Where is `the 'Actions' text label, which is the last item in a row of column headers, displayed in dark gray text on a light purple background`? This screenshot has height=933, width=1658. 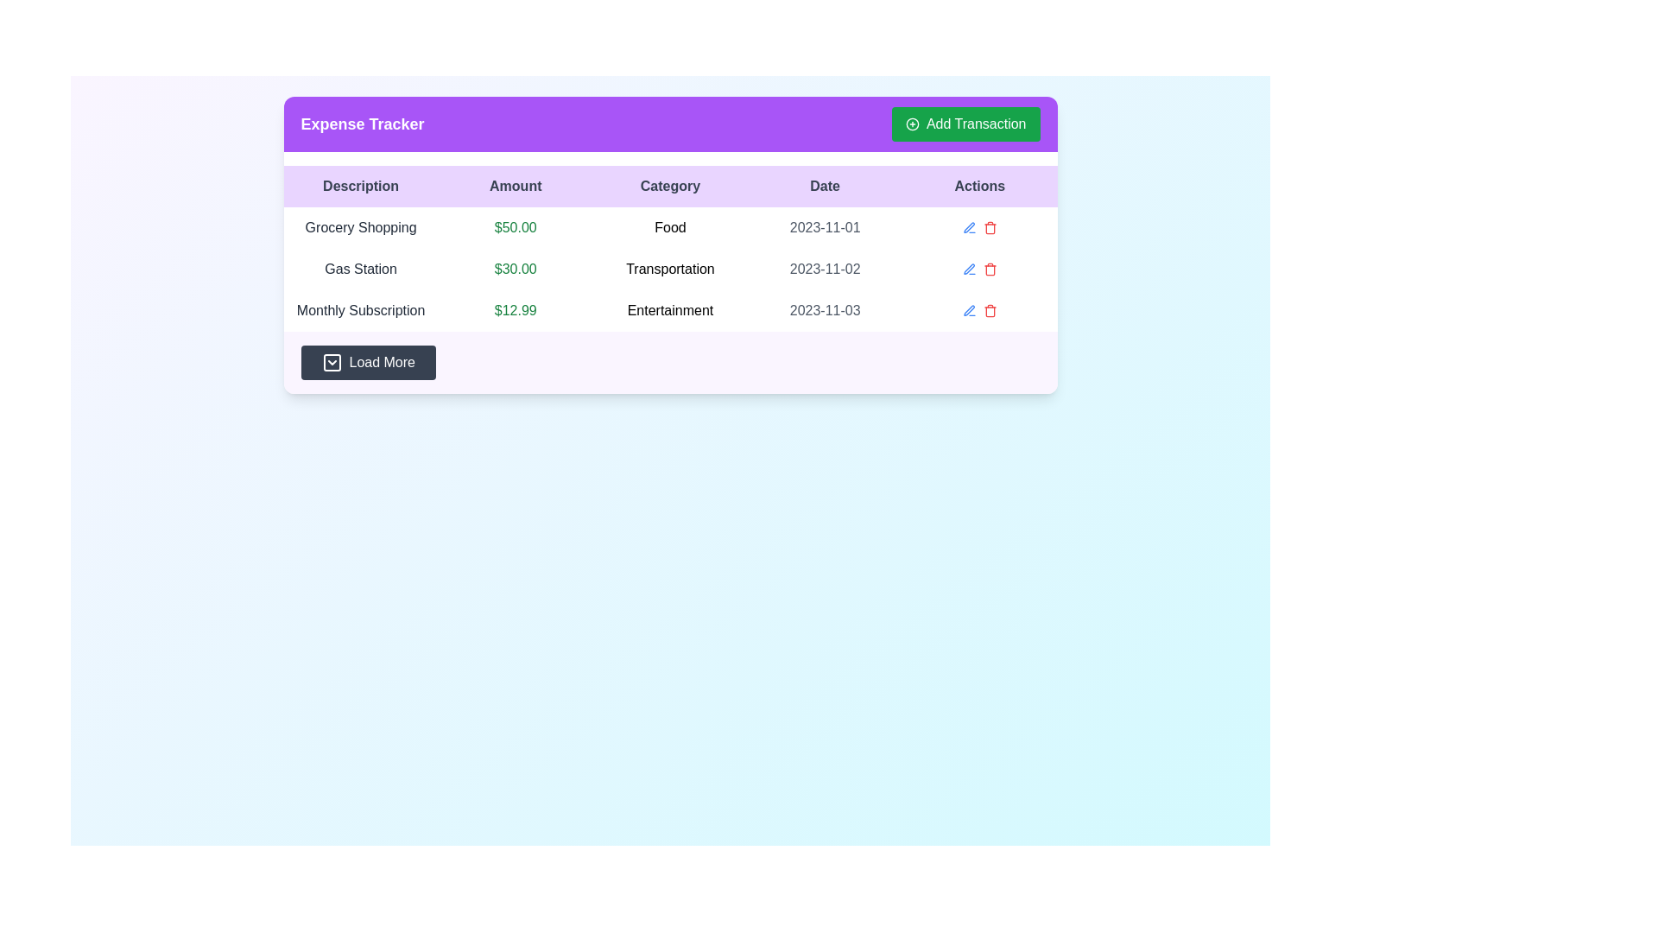
the 'Actions' text label, which is the last item in a row of column headers, displayed in dark gray text on a light purple background is located at coordinates (979, 187).